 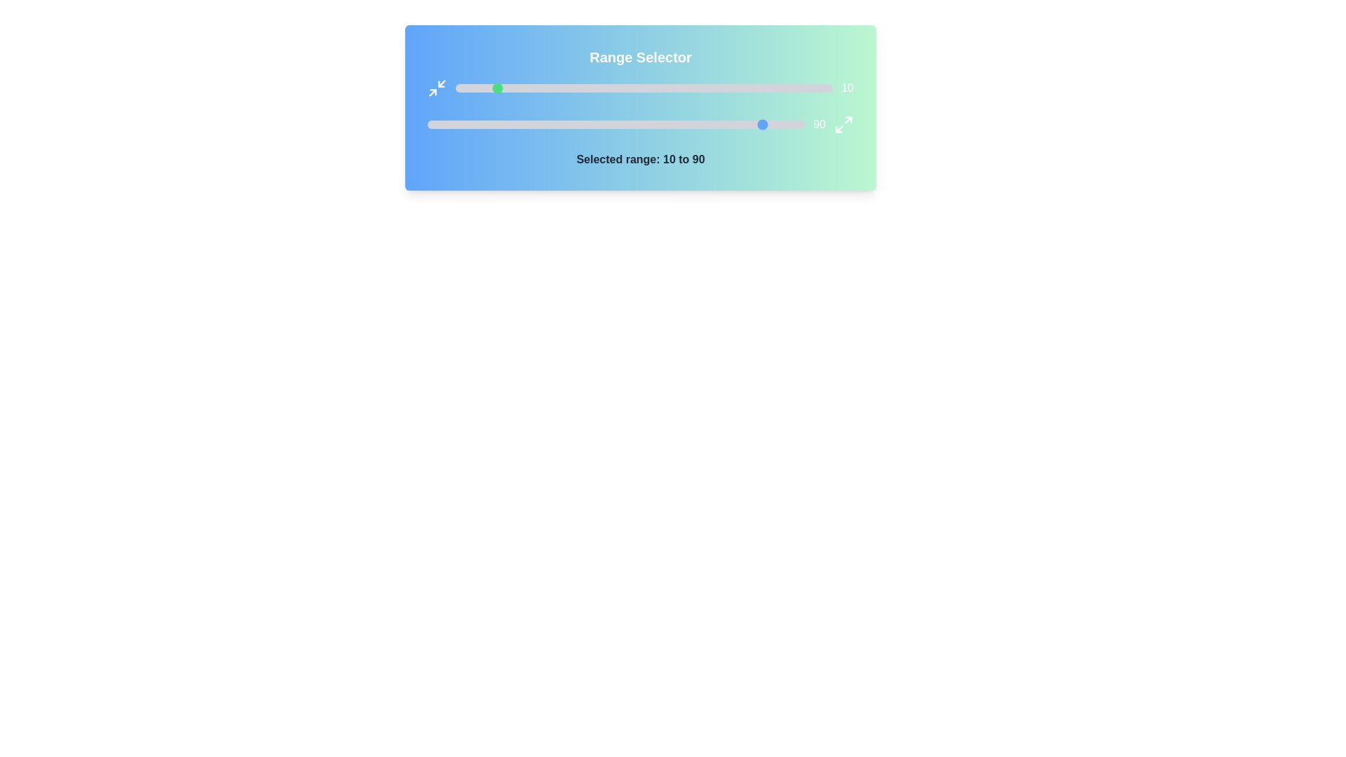 I want to click on the slider, so click(x=764, y=88).